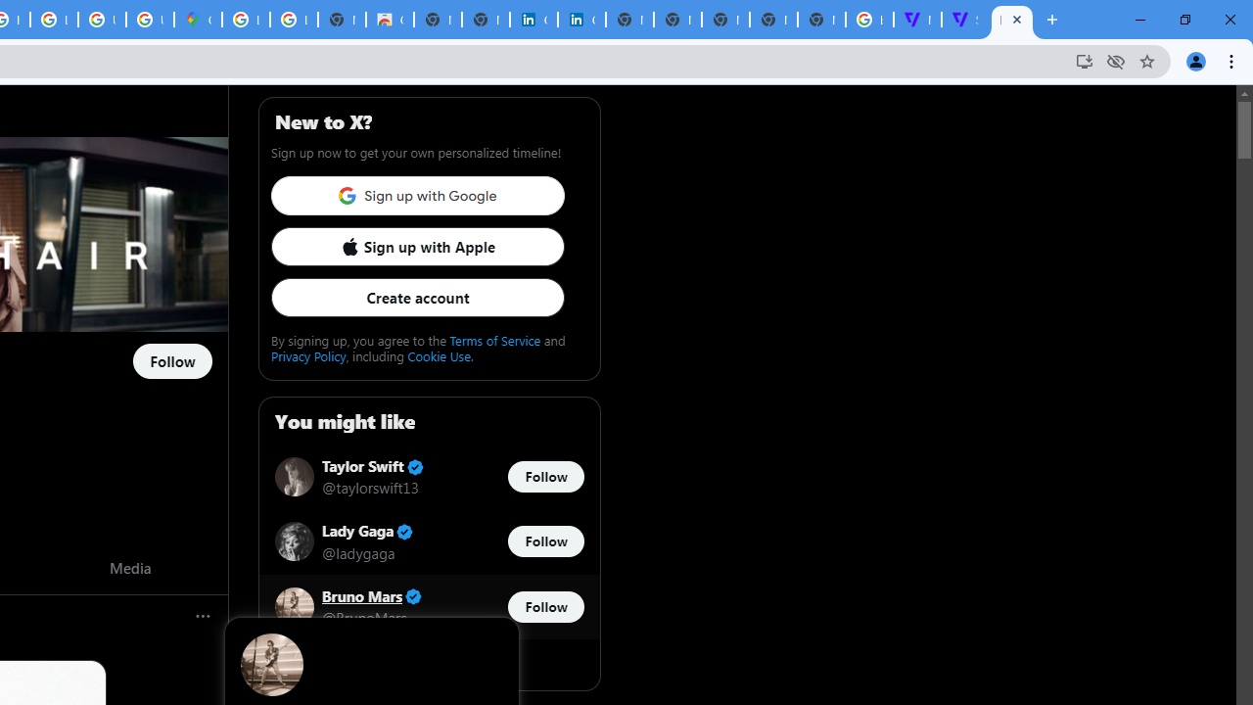 The width and height of the screenshot is (1253, 705). Describe the element at coordinates (372, 595) in the screenshot. I see `'Bruno Mars Verified account'` at that location.